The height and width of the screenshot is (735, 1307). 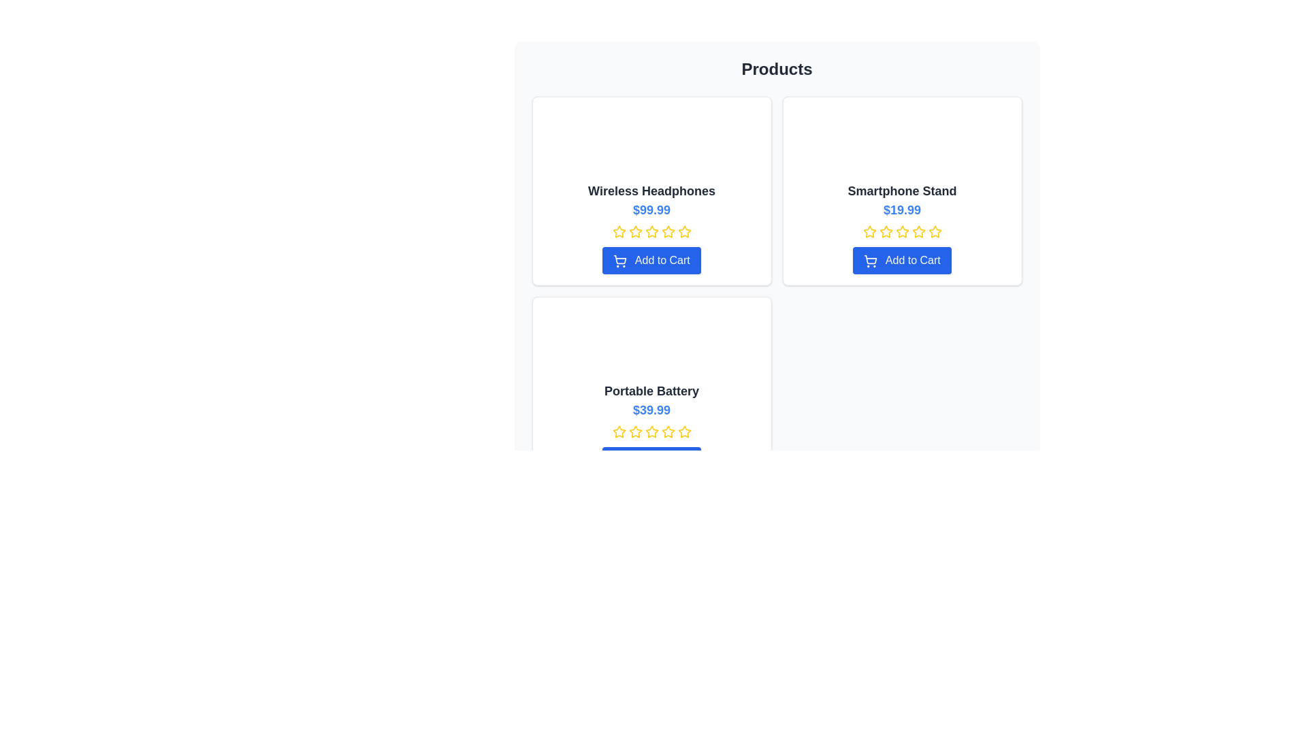 What do you see at coordinates (634, 231) in the screenshot?
I see `the third star icon in the horizontal group of five rating star icons under the 'Wireless Headphones' product card` at bounding box center [634, 231].